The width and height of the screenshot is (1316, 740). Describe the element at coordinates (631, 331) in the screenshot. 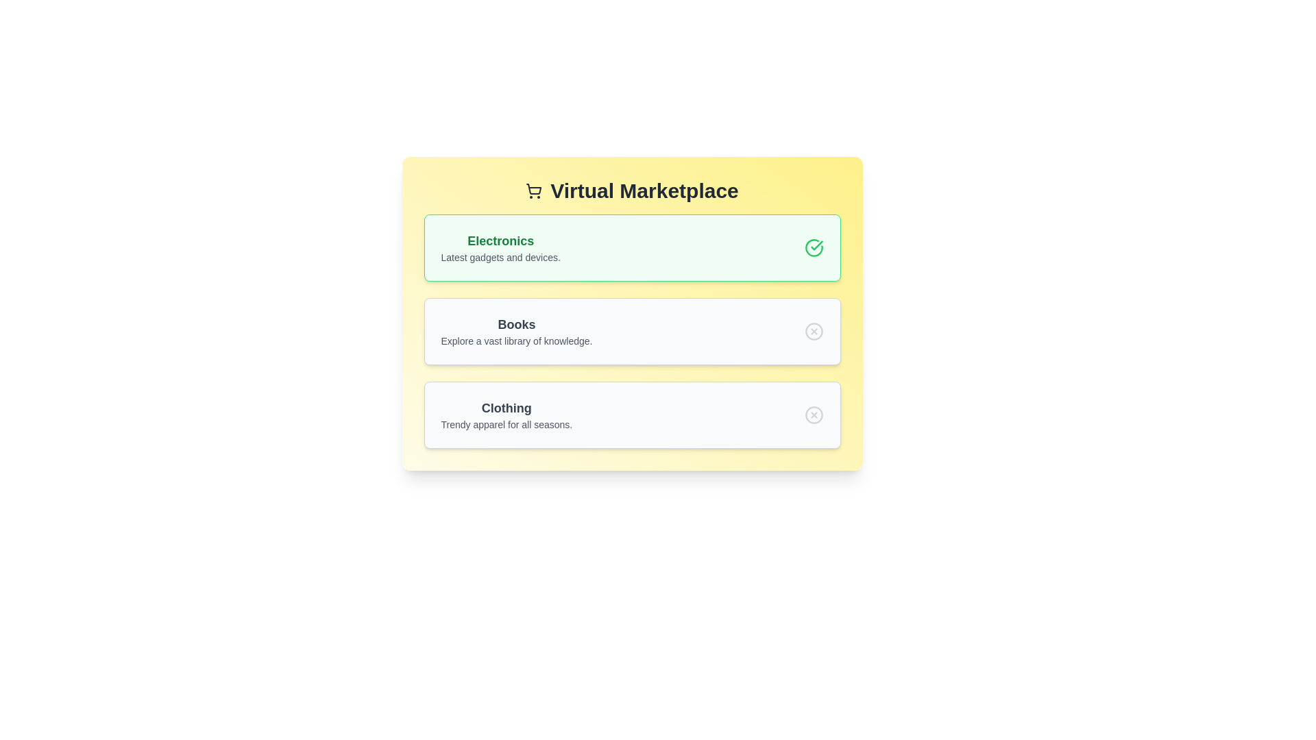

I see `the Books item to explore additional interactions` at that location.